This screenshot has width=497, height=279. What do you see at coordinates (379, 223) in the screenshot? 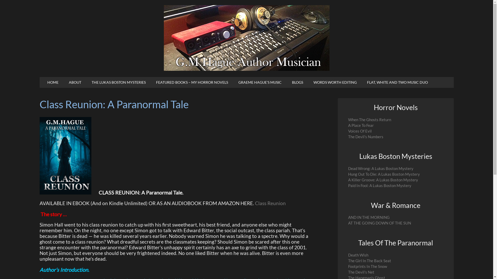
I see `'AT THE GOING DOWN OF THE SUN'` at bounding box center [379, 223].